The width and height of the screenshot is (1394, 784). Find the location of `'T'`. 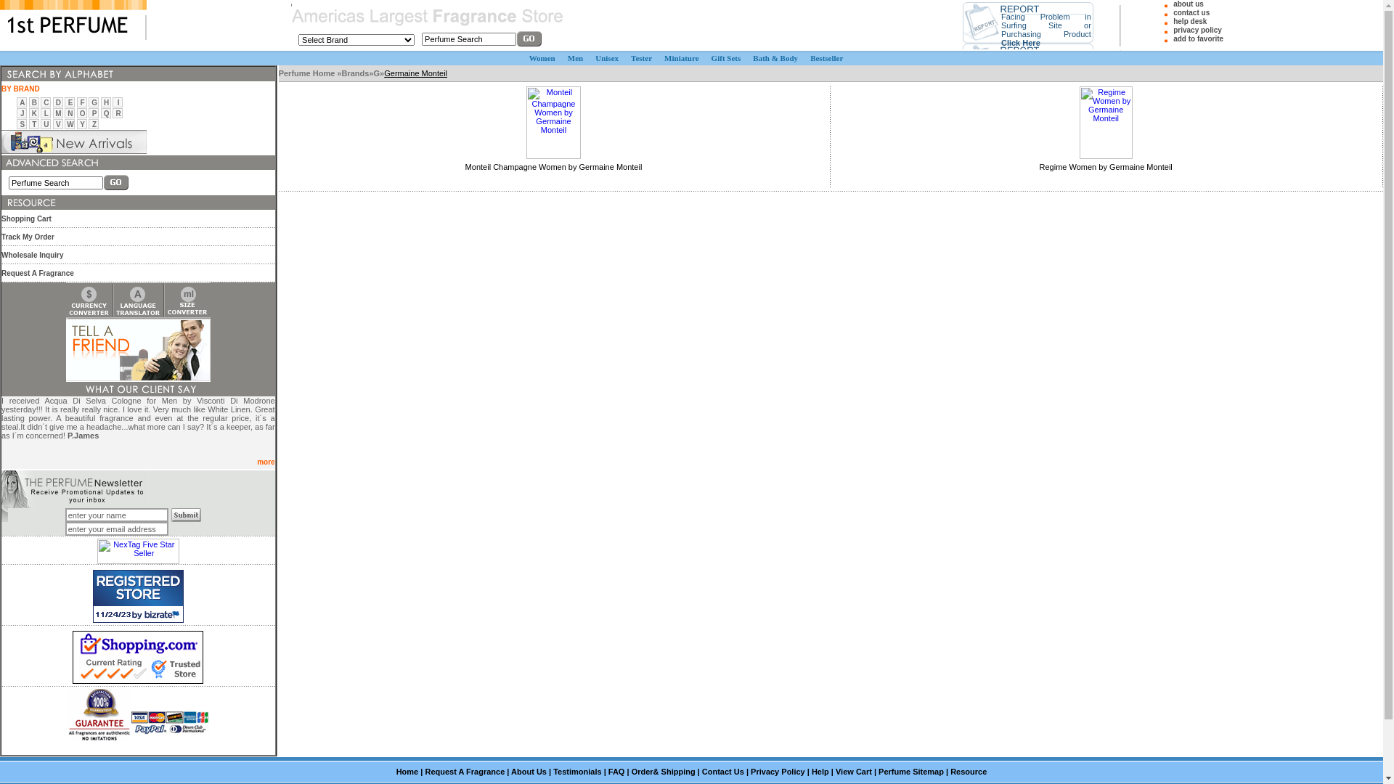

'T' is located at coordinates (31, 123).